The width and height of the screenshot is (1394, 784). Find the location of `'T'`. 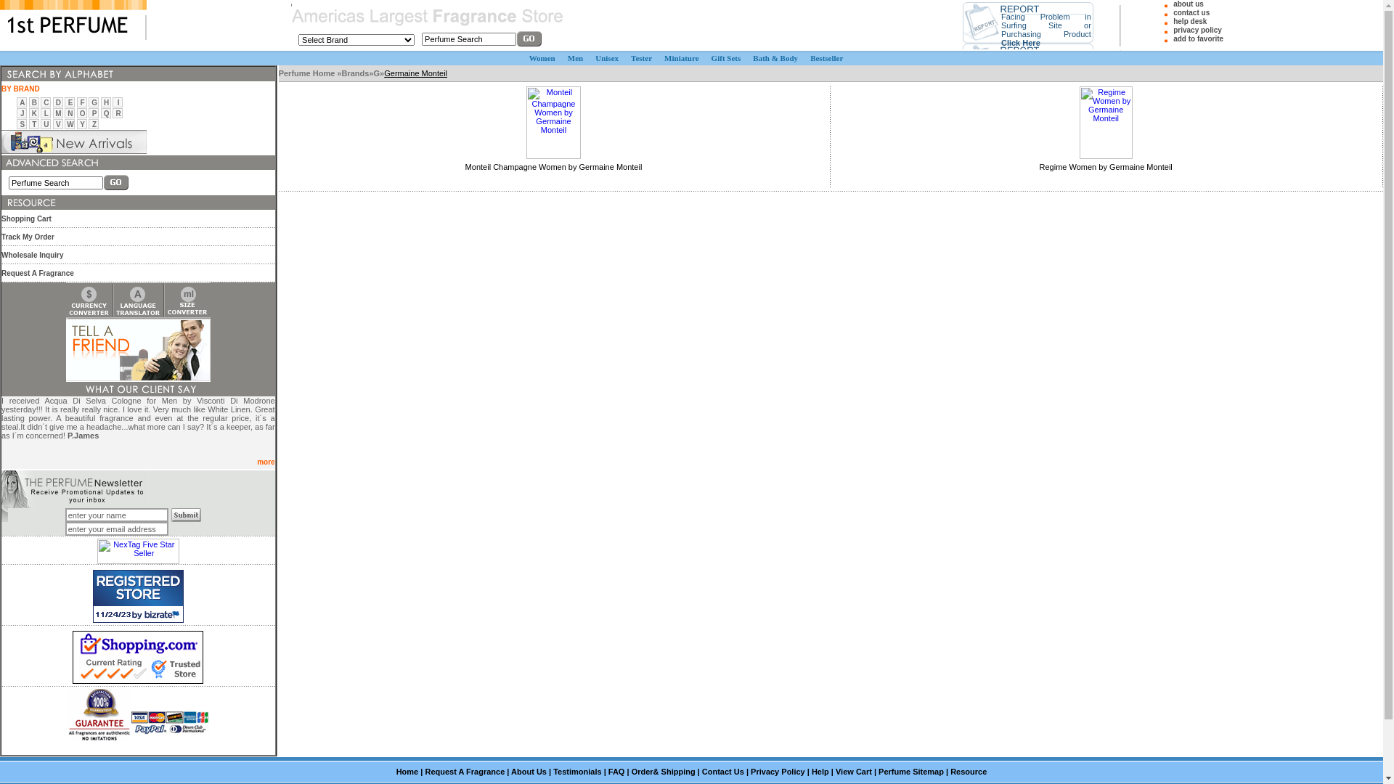

'T' is located at coordinates (31, 123).